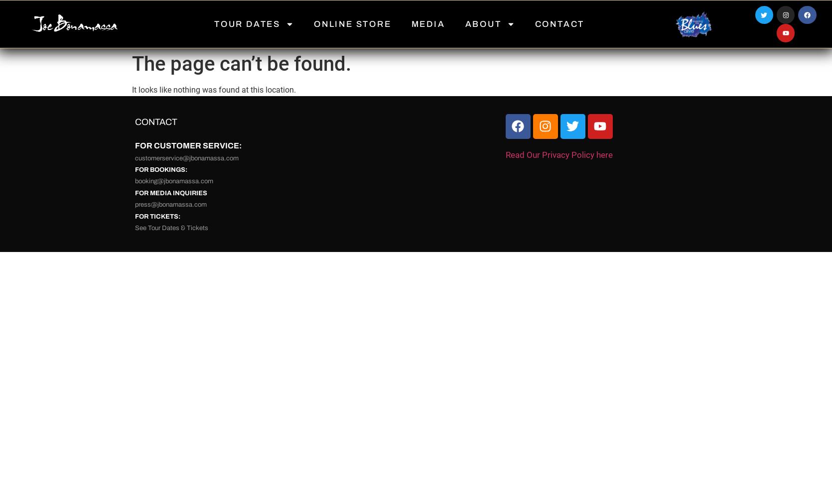 This screenshot has height=498, width=832. I want to click on 'ABOUT', so click(482, 23).